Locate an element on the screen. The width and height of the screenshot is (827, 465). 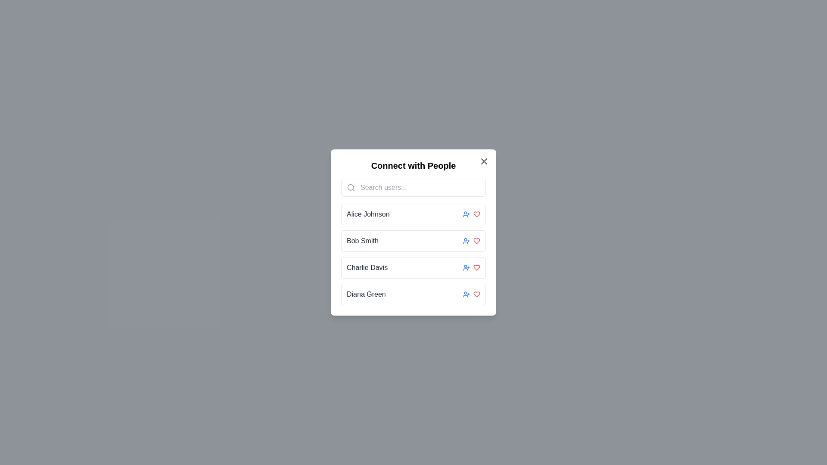
the user icon button with a plus symbol on its right side, which is styled in blue and positioned next to 'Alice Johnson' in the 'Connect with People' modal is located at coordinates (466, 214).